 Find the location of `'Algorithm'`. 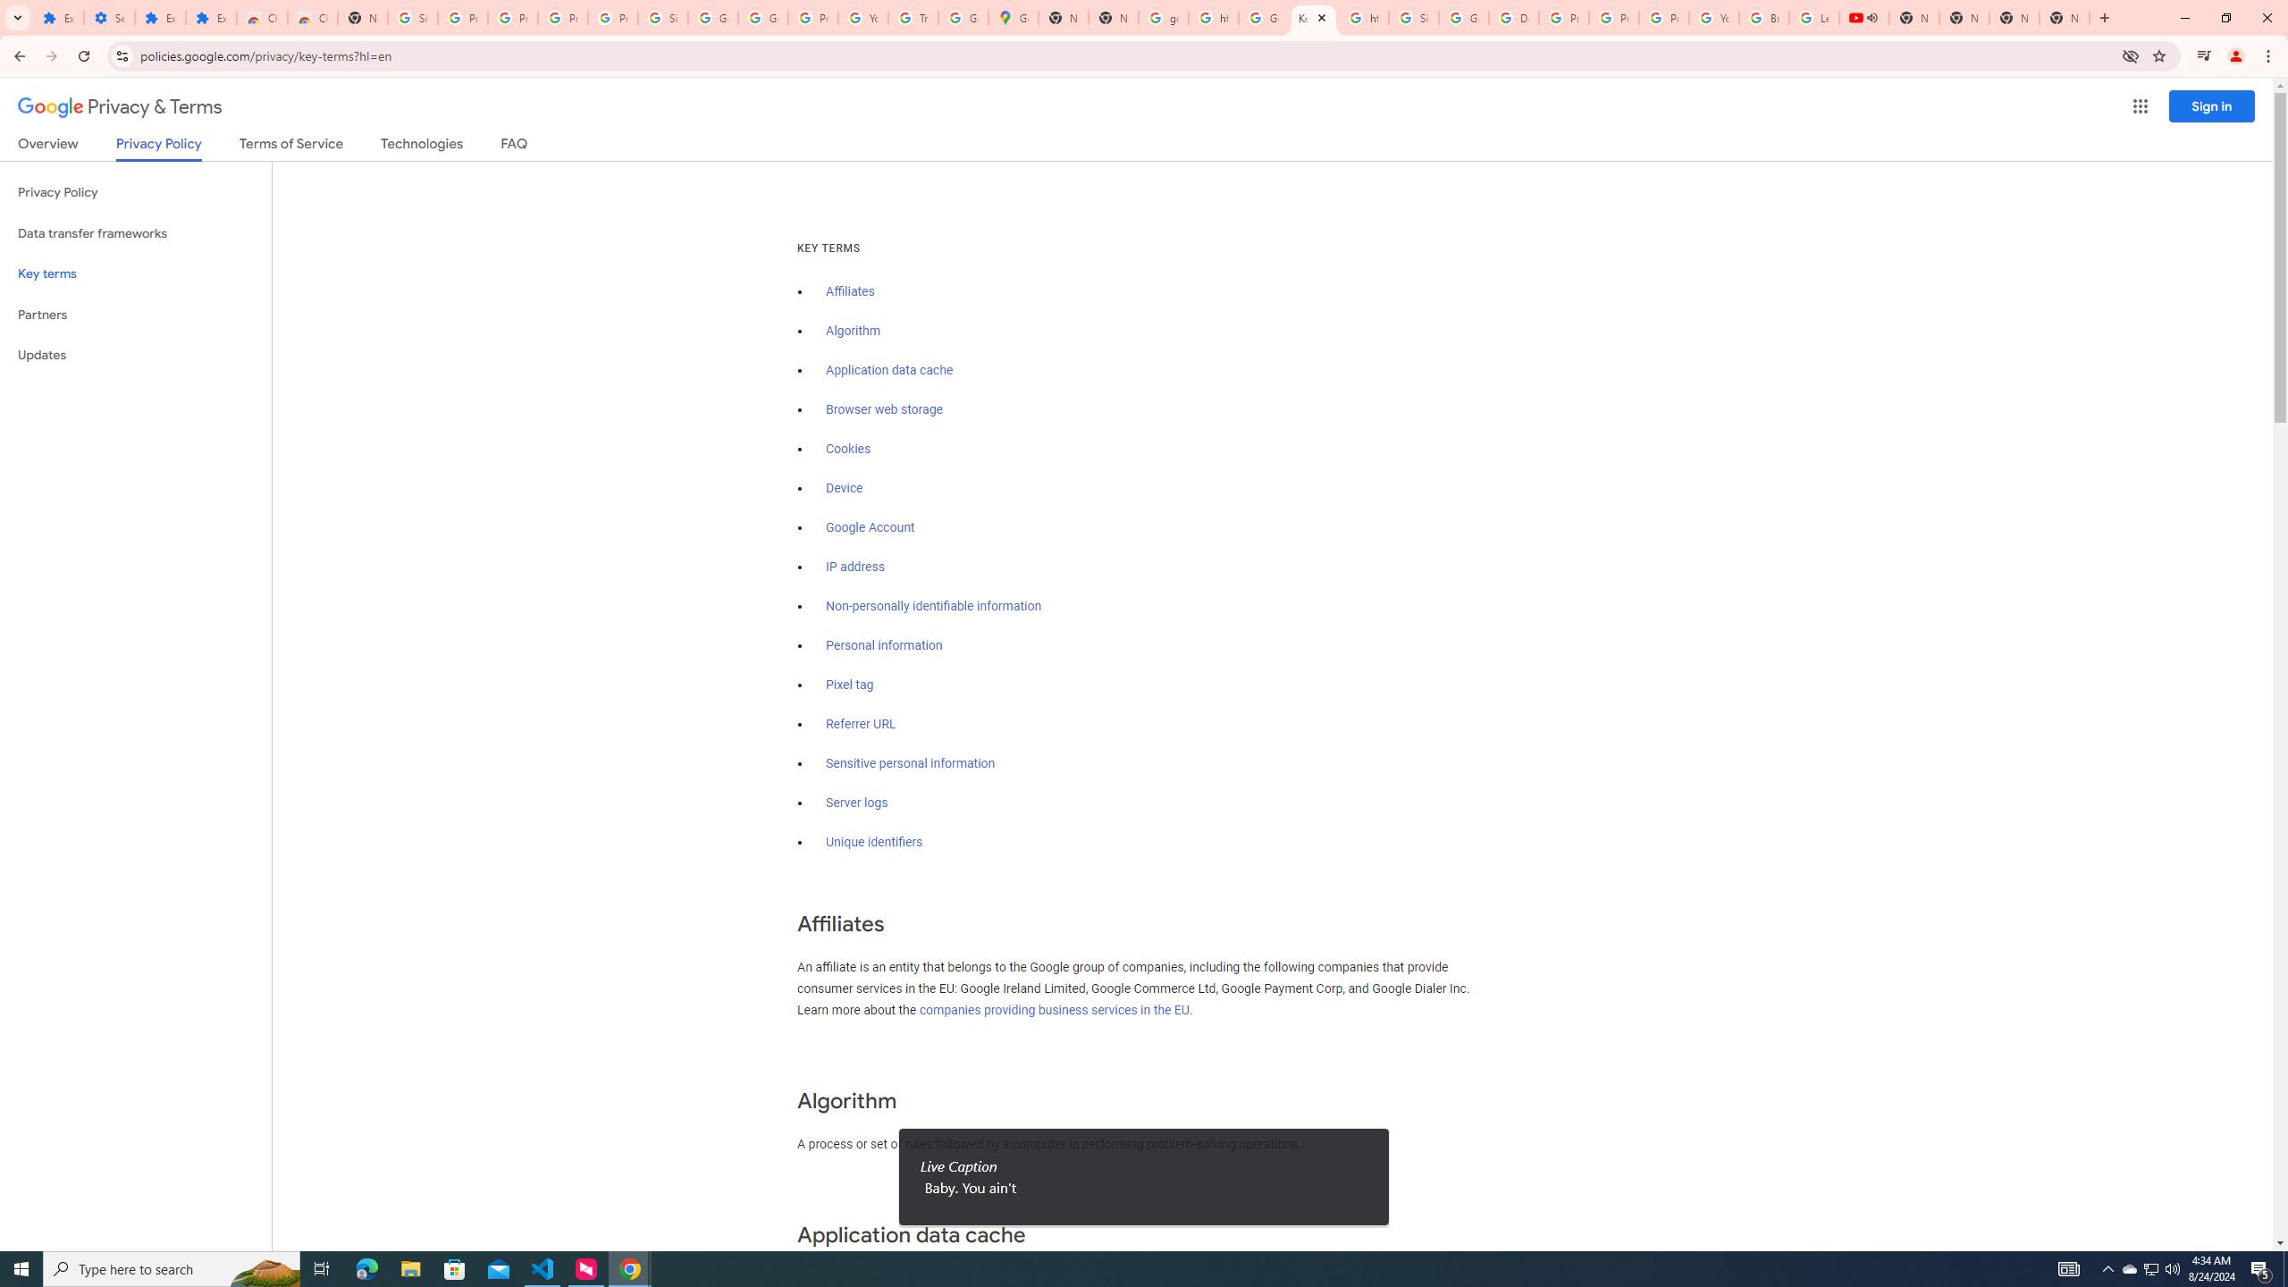

'Algorithm' is located at coordinates (852, 330).